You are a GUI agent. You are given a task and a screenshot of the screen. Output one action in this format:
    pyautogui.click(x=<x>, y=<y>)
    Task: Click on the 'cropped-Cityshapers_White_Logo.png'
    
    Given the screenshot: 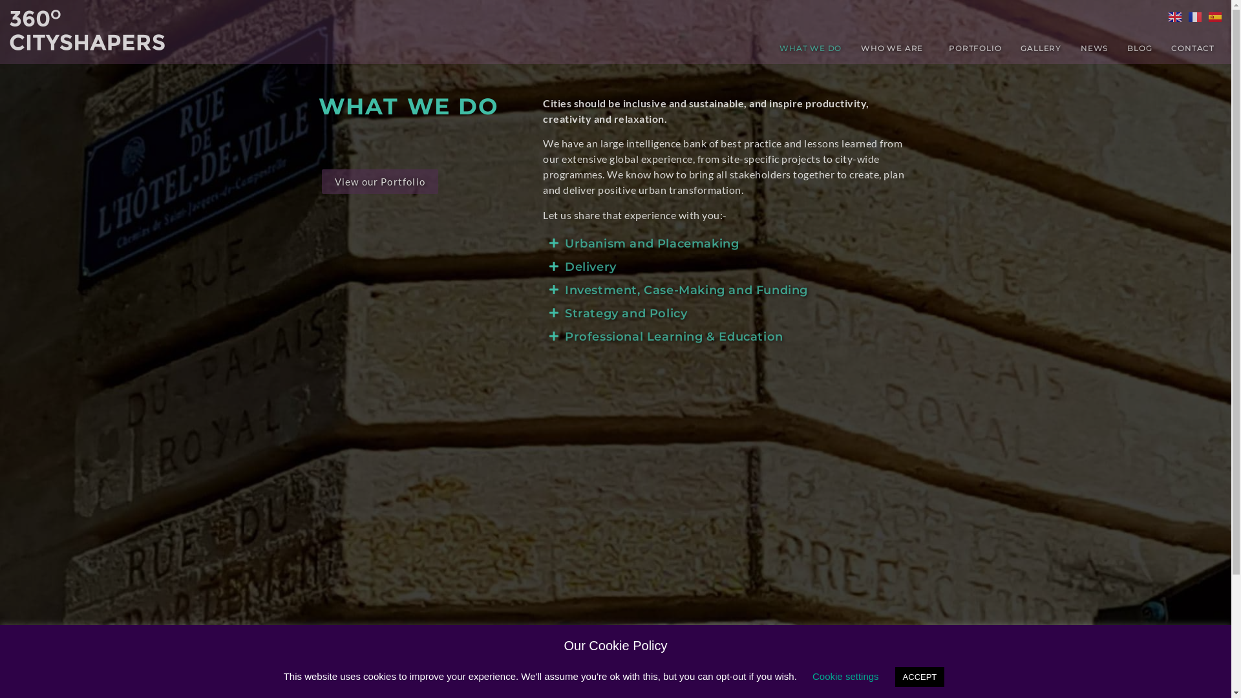 What is the action you would take?
    pyautogui.click(x=86, y=29)
    